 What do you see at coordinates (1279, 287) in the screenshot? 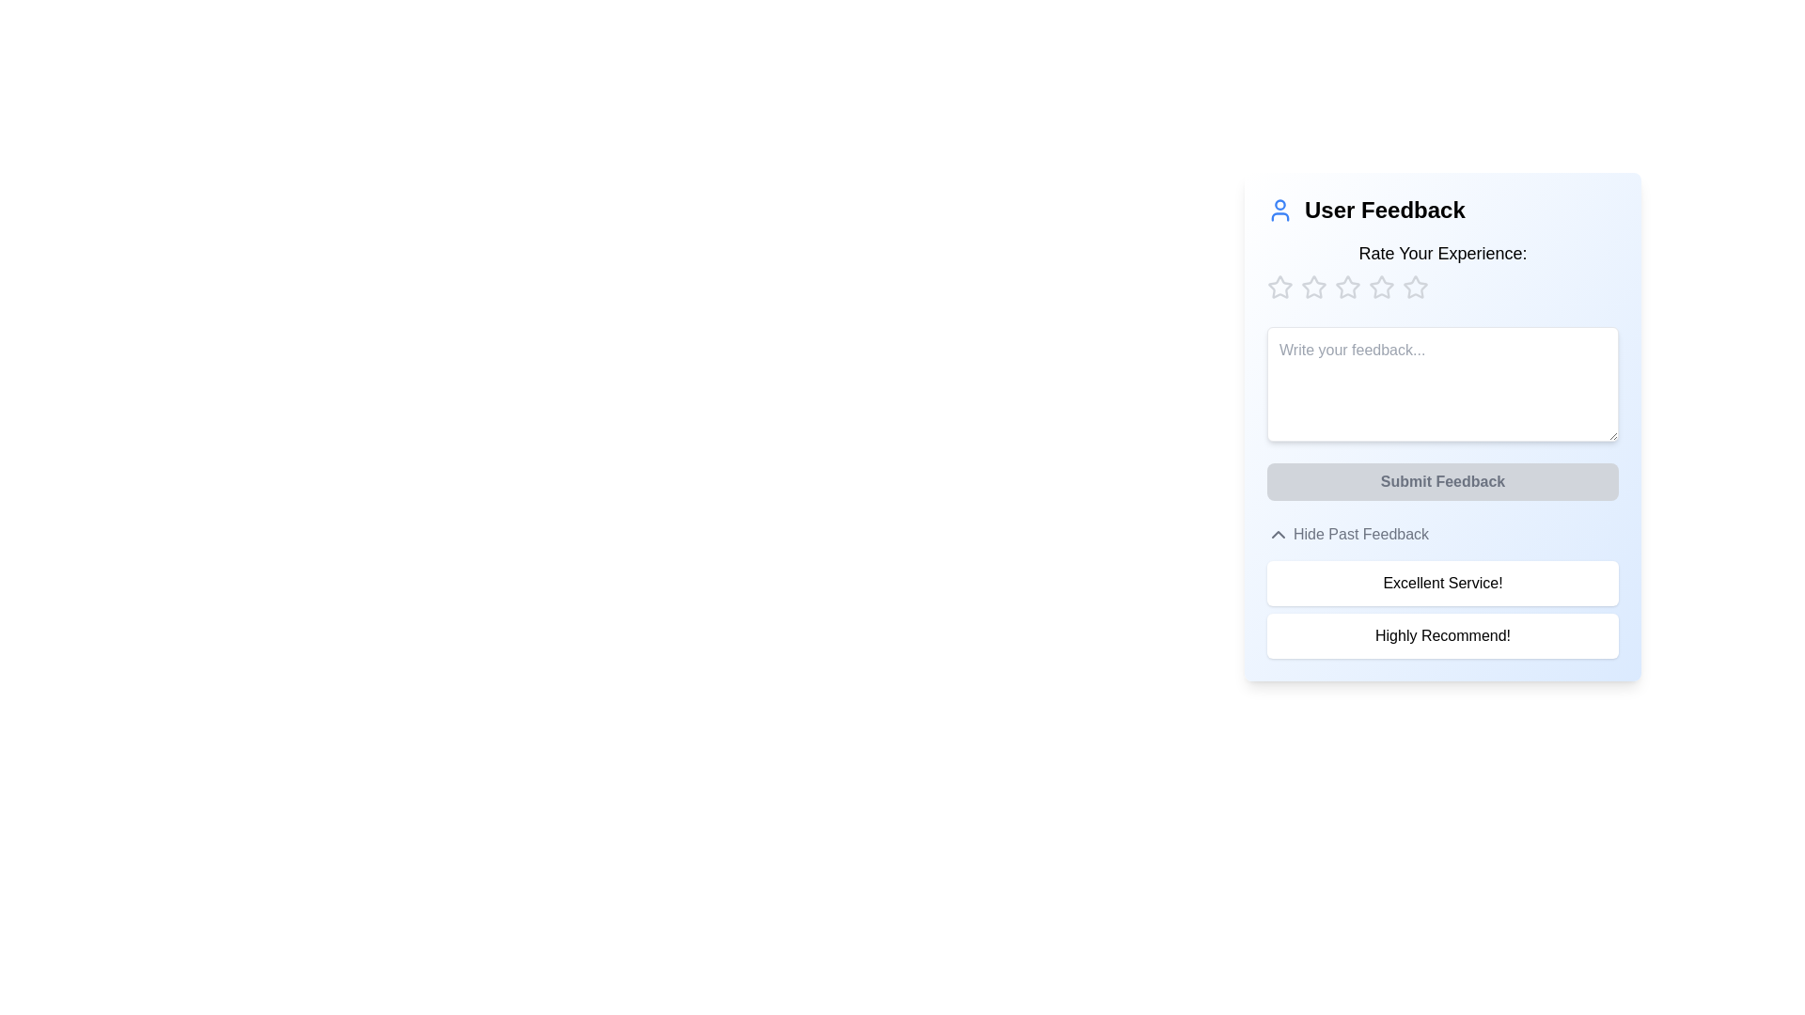
I see `the leftmost star-shaped icon used for ratings in the feedback interface` at bounding box center [1279, 287].